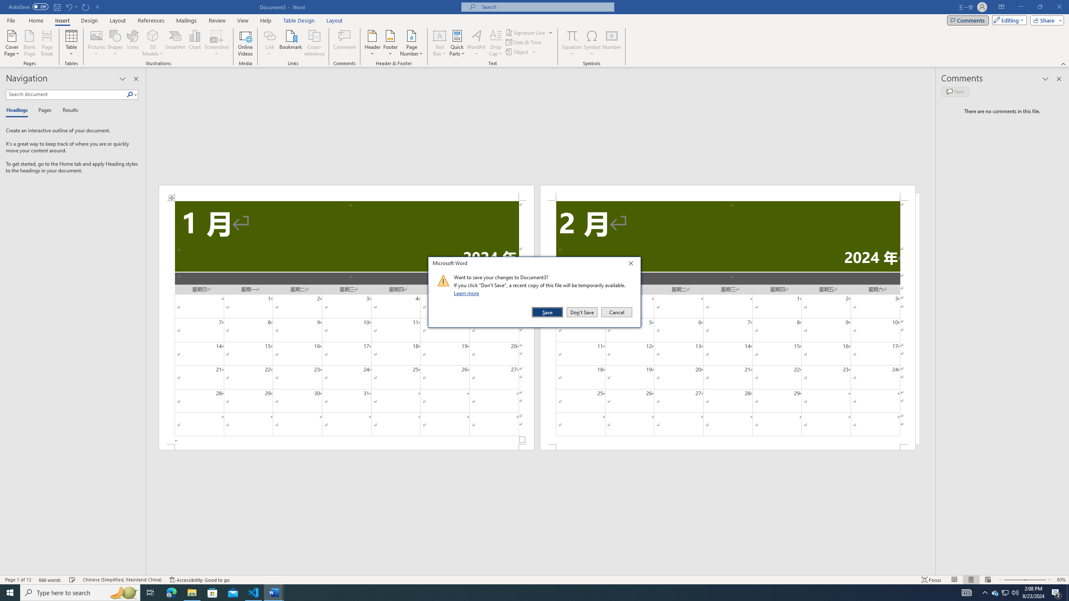 This screenshot has height=601, width=1069. What do you see at coordinates (727, 447) in the screenshot?
I see `'Footer -Section 2-'` at bounding box center [727, 447].